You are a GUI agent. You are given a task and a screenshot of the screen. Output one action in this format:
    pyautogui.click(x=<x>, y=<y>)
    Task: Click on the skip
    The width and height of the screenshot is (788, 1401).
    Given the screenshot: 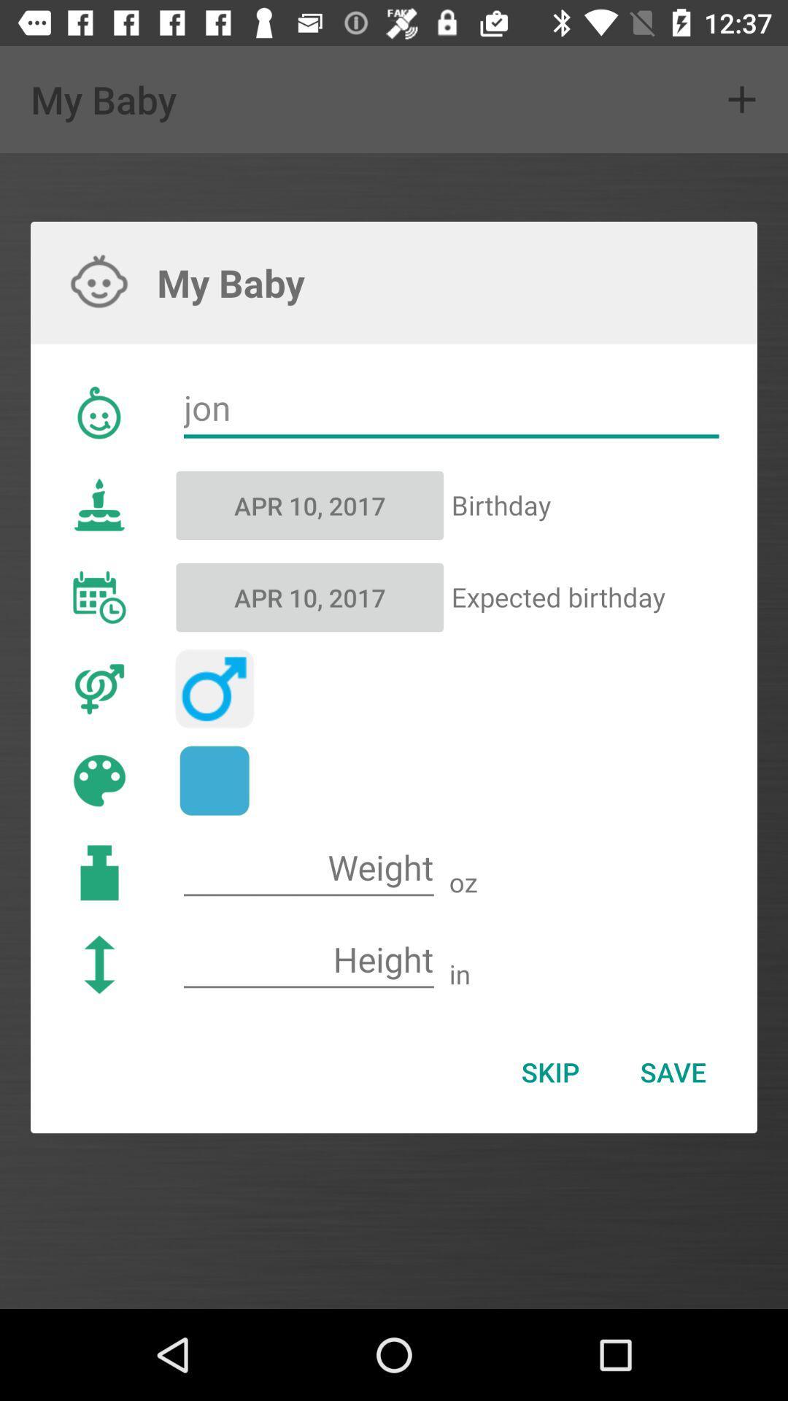 What is the action you would take?
    pyautogui.click(x=550, y=1072)
    